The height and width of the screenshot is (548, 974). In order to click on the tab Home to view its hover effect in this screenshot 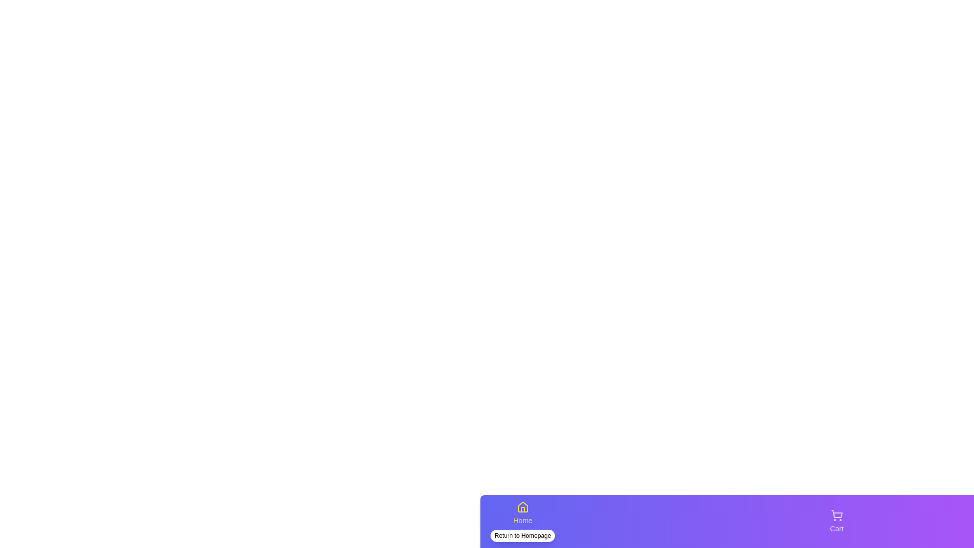, I will do `click(523, 522)`.